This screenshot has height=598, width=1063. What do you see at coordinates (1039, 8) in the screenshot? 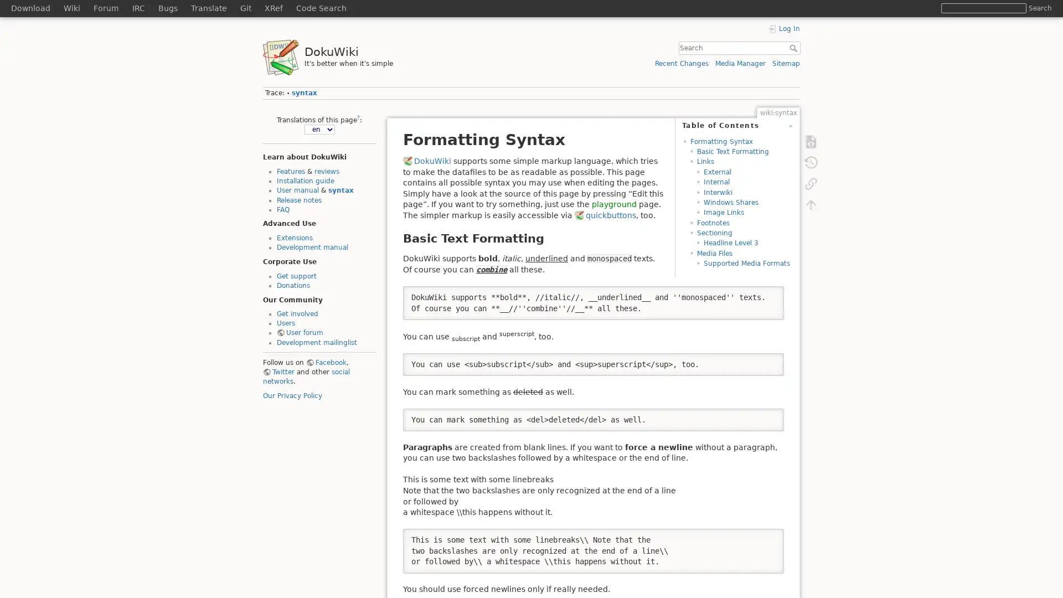
I see `Search` at bounding box center [1039, 8].